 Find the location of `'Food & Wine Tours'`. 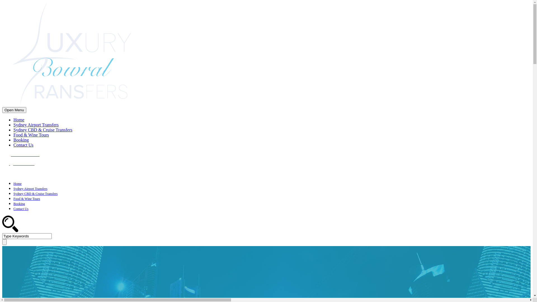

'Food & Wine Tours' is located at coordinates (31, 135).